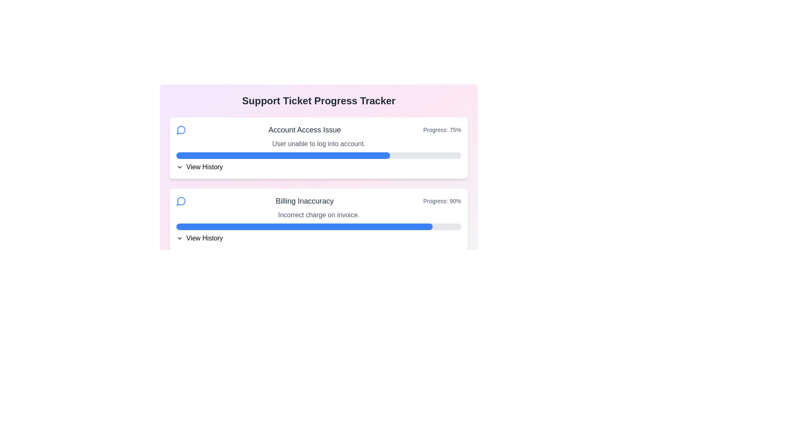  Describe the element at coordinates (304, 201) in the screenshot. I see `the static text label identified as 'Billing Inaccuracy' which is located next to the chat bubble icon and above 'Progress: 90%' in the support ticket list` at that location.